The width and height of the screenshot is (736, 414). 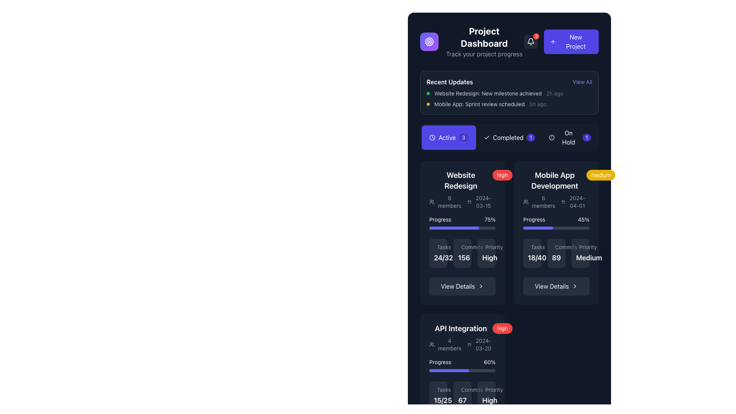 I want to click on the Information Display Component titled 'Mobile App Development', which contains details like '6 members' and the date '2024-04-01', so click(x=555, y=189).